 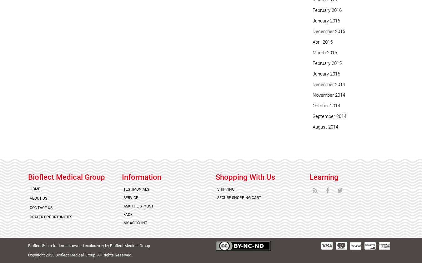 What do you see at coordinates (326, 20) in the screenshot?
I see `'January 2016'` at bounding box center [326, 20].